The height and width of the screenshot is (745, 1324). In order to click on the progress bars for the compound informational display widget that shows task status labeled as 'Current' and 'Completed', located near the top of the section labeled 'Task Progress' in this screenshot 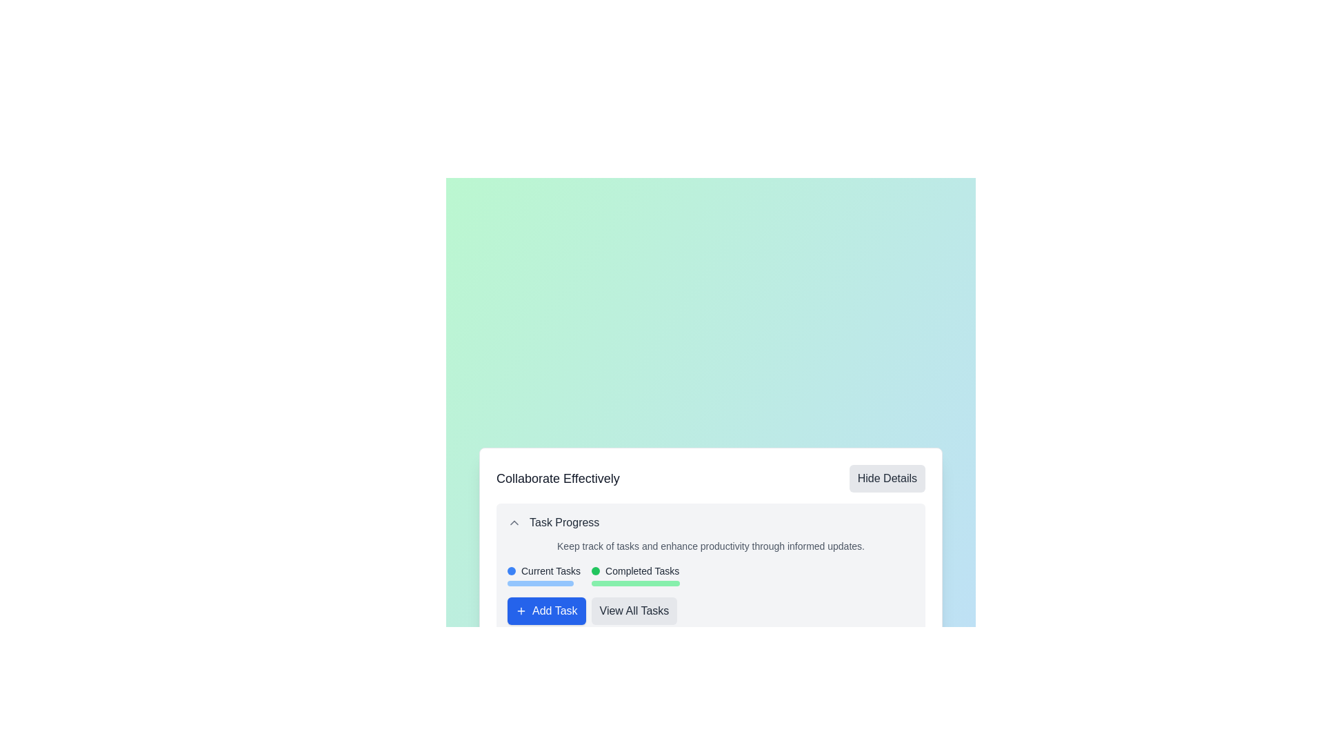, I will do `click(711, 575)`.